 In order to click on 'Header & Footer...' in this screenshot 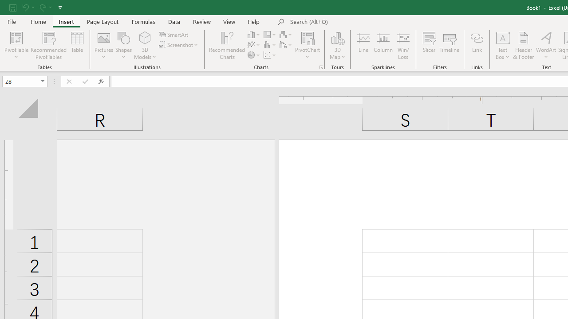, I will do `click(524, 46)`.